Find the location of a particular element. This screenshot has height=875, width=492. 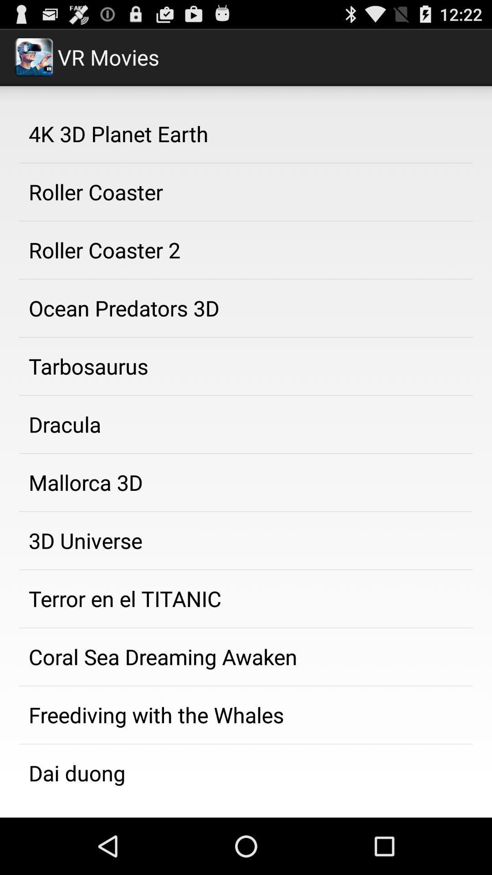

dai duong icon is located at coordinates (246, 771).